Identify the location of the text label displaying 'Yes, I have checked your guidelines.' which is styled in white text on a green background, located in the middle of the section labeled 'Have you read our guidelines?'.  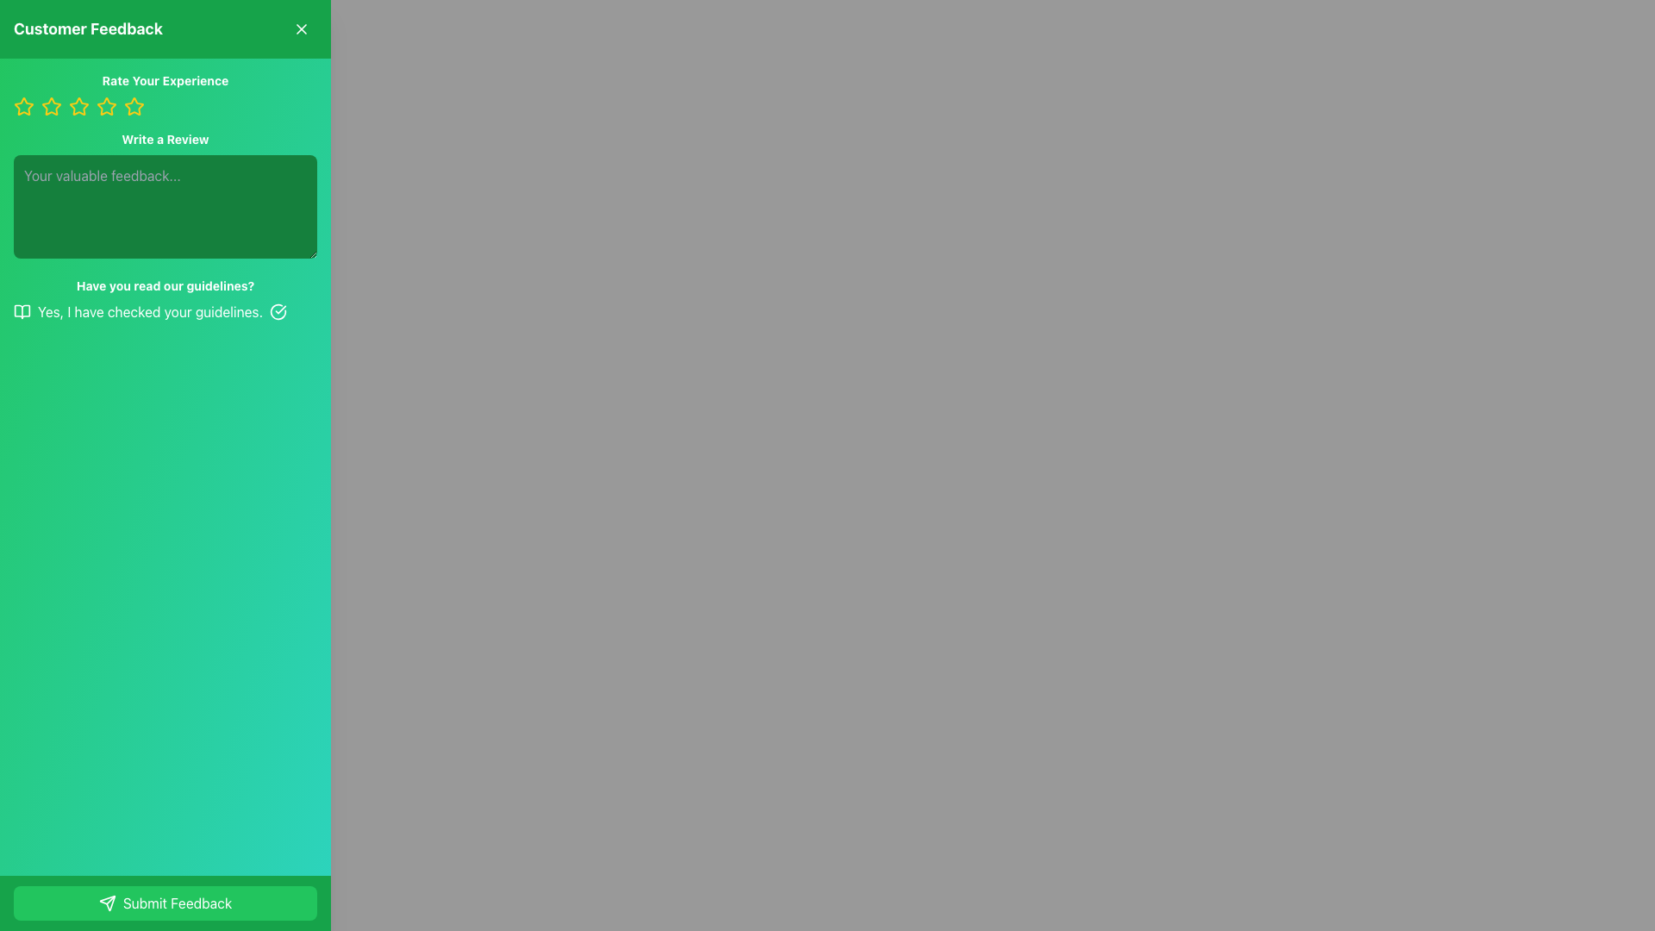
(150, 312).